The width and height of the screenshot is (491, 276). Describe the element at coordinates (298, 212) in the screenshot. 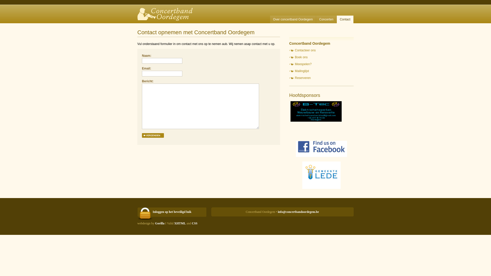

I see `'info@concertbandoordegem.be'` at that location.